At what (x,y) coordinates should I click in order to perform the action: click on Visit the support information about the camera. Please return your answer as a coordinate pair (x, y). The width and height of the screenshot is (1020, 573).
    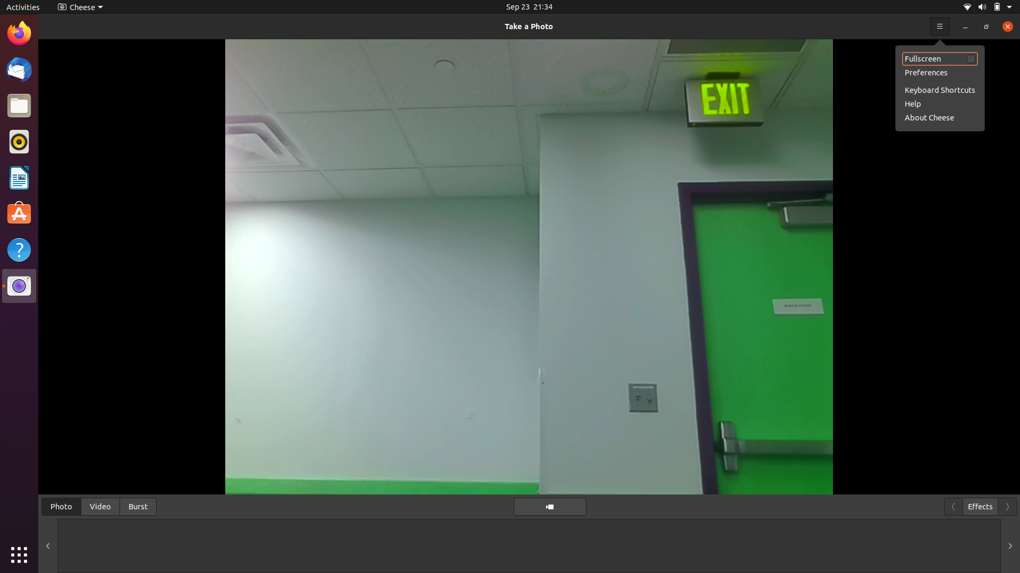
    Looking at the image, I should click on (940, 25).